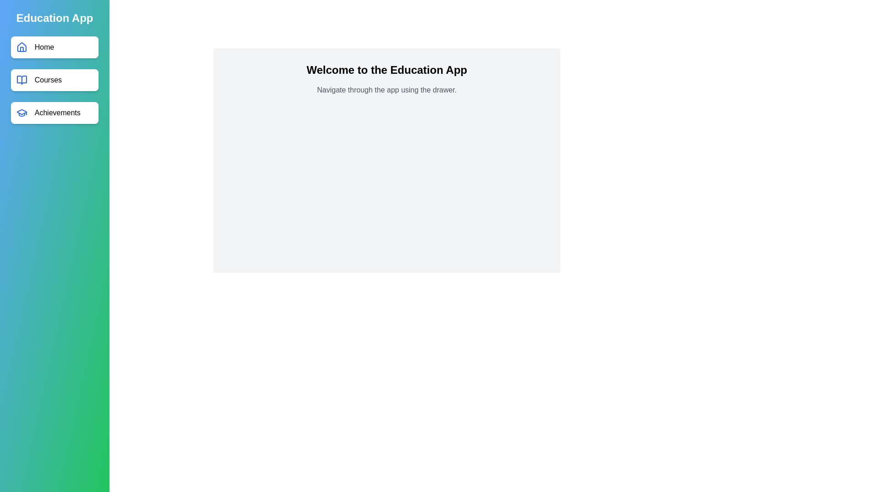 This screenshot has width=876, height=492. I want to click on the Home menu item in the drawer, so click(54, 47).